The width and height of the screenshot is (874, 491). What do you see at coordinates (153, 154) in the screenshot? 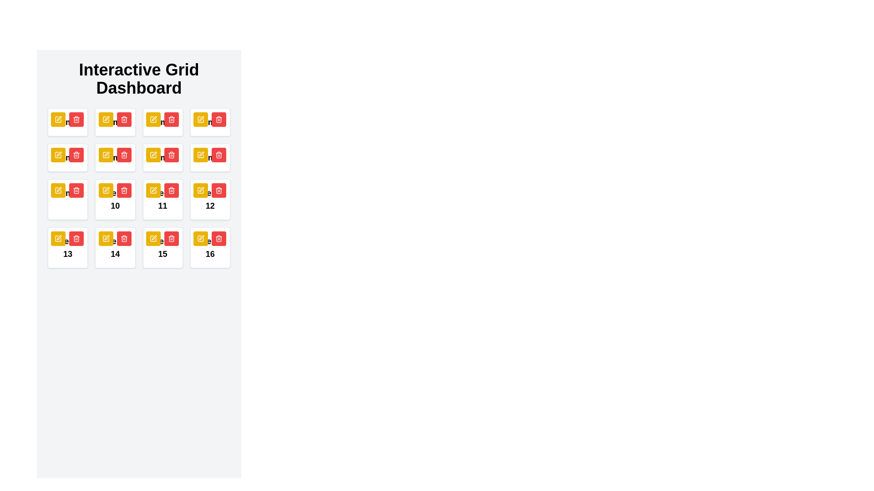
I see `the decorative graphic element within the edit button icon for cell '11' in the interactive grid layout` at bounding box center [153, 154].